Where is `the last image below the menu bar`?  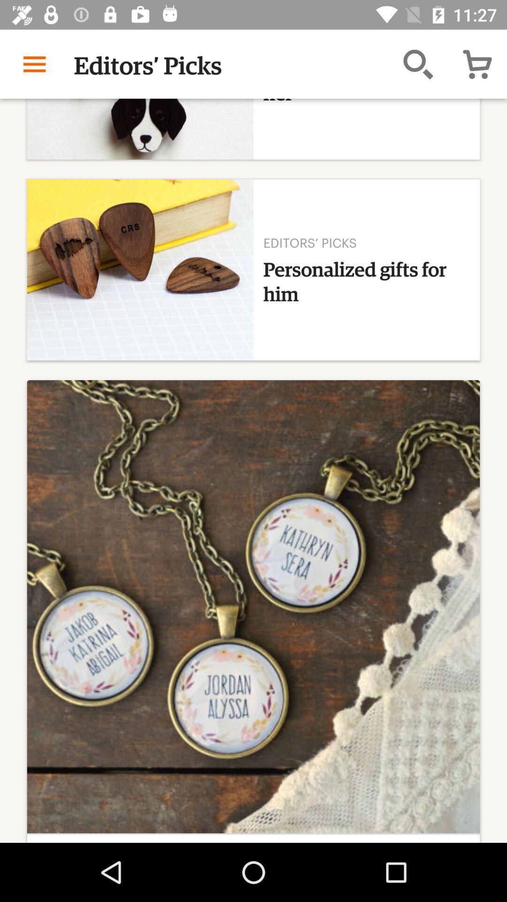
the last image below the menu bar is located at coordinates (253, 607).